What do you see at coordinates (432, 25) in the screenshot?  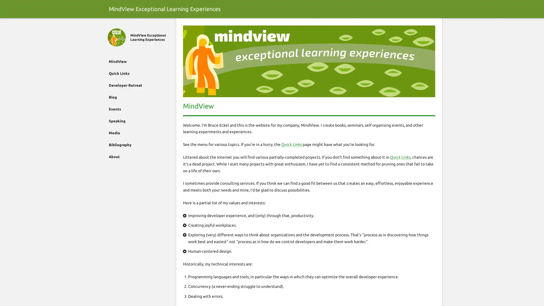 I see `Search` at bounding box center [432, 25].